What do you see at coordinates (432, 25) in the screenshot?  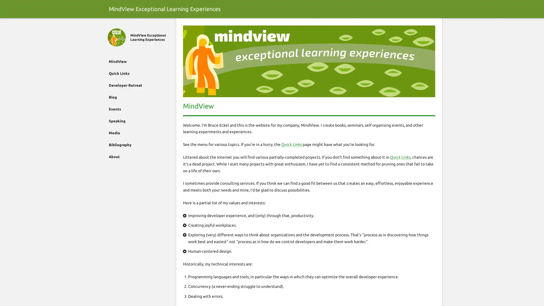 I see `Search` at bounding box center [432, 25].